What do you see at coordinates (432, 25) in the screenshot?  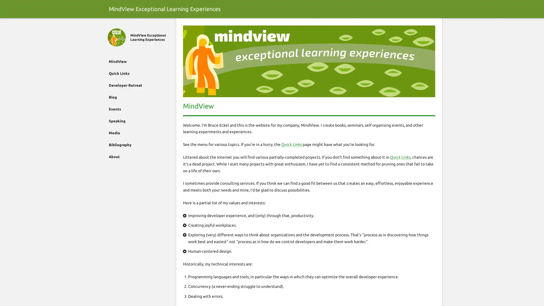 I see `Search` at bounding box center [432, 25].